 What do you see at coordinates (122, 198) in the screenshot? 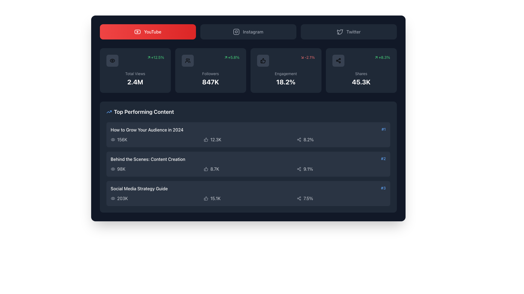
I see `and interpret the text label displaying '203K' located at the bottom-right of the 'Social Media Strategy Guide' section in the 'Top Performing Content' list` at bounding box center [122, 198].